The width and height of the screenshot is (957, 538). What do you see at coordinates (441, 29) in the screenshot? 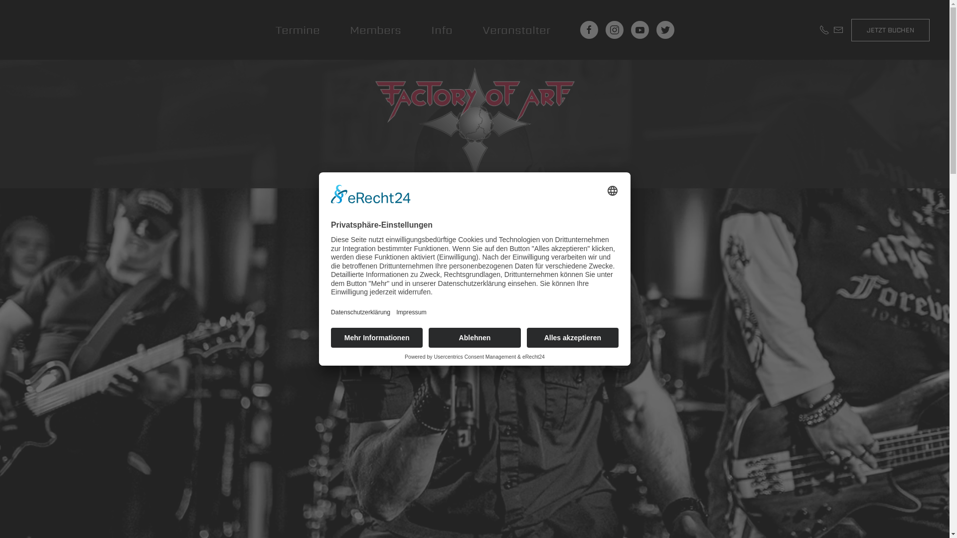
I see `'Info'` at bounding box center [441, 29].